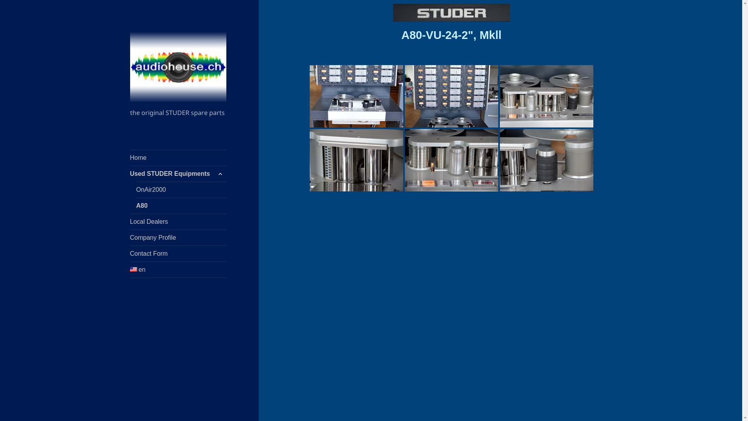 The height and width of the screenshot is (421, 748). I want to click on 'Contact Form', so click(178, 254).